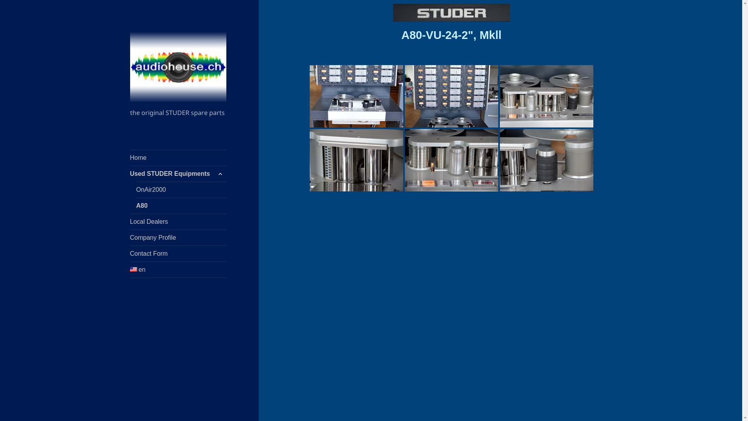 The height and width of the screenshot is (421, 748). I want to click on 'Contact Form', so click(178, 254).